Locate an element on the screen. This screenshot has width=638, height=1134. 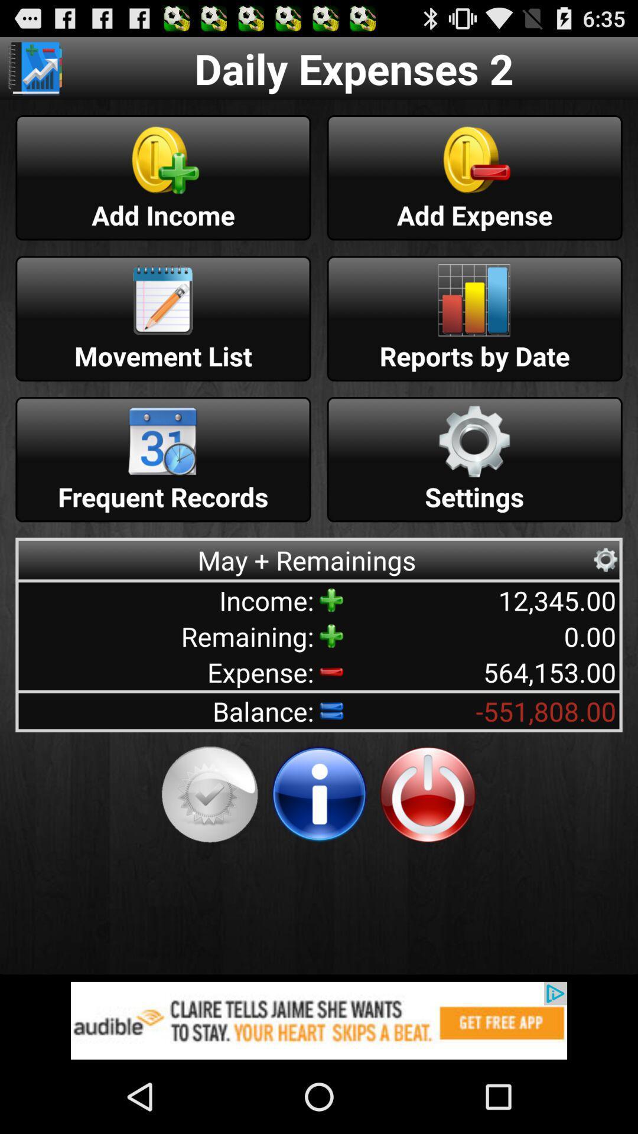
the check icon is located at coordinates (209, 850).